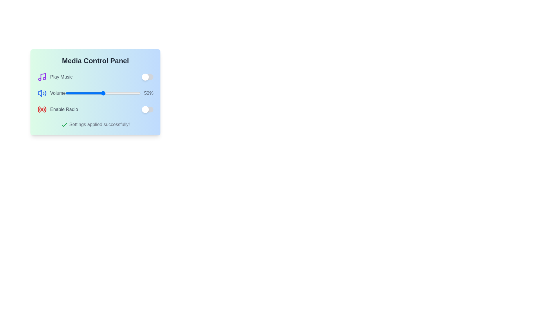 The height and width of the screenshot is (313, 557). What do you see at coordinates (39, 93) in the screenshot?
I see `the leftmost part of the SVG graphic representing the sound speaker icon, which is the main body of the speaker` at bounding box center [39, 93].